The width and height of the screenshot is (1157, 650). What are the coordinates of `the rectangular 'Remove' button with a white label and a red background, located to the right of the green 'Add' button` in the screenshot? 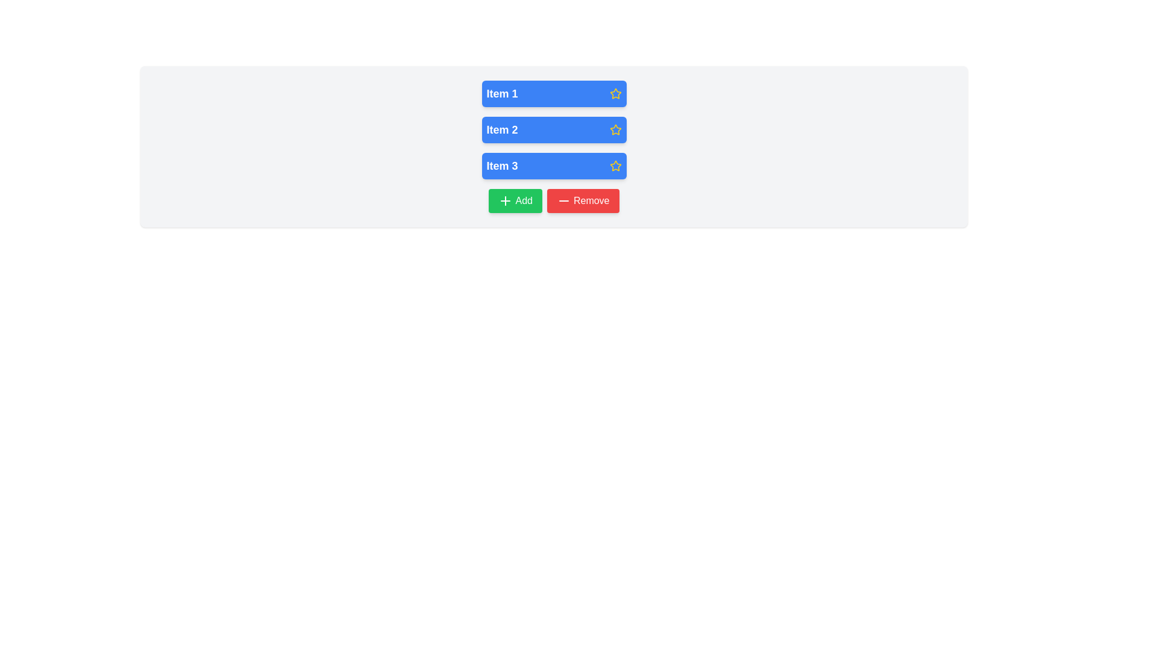 It's located at (583, 200).